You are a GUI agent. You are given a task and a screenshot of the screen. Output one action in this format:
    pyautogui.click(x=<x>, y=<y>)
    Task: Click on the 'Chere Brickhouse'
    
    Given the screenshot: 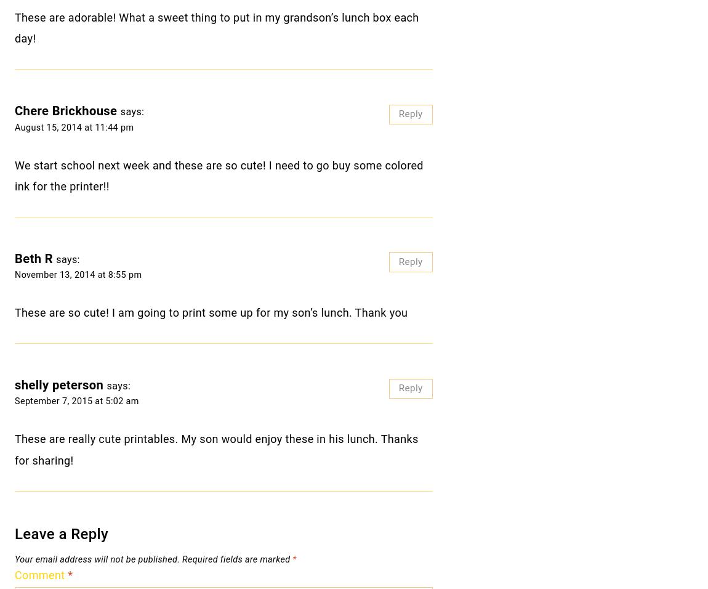 What is the action you would take?
    pyautogui.click(x=14, y=111)
    